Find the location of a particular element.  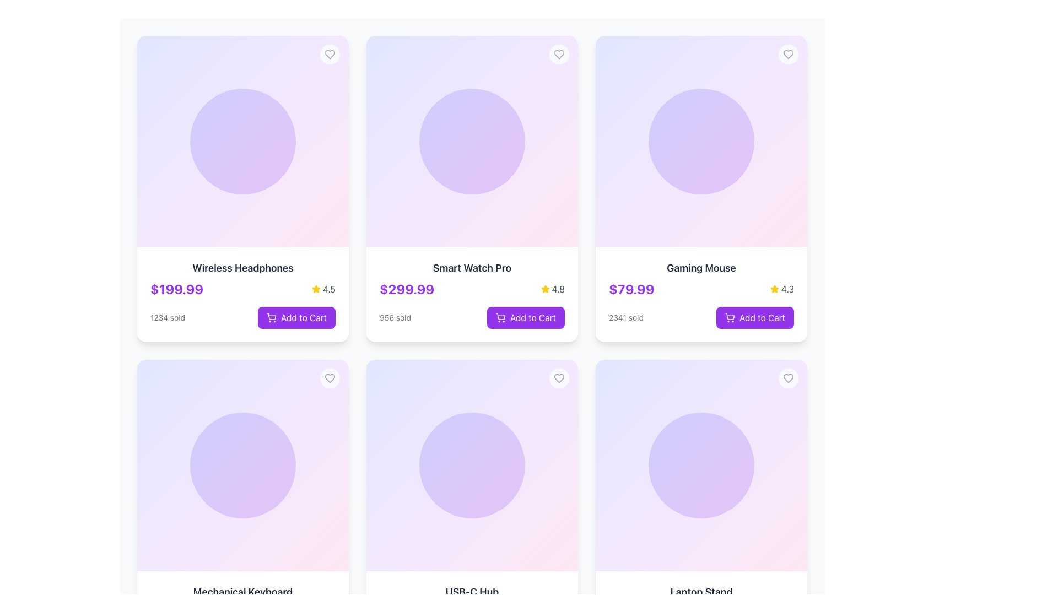

the yellow star-shaped icon representing the rating for 'Smart Watch Pro', located near the price and the numerical rating (4.8) is located at coordinates (545, 288).